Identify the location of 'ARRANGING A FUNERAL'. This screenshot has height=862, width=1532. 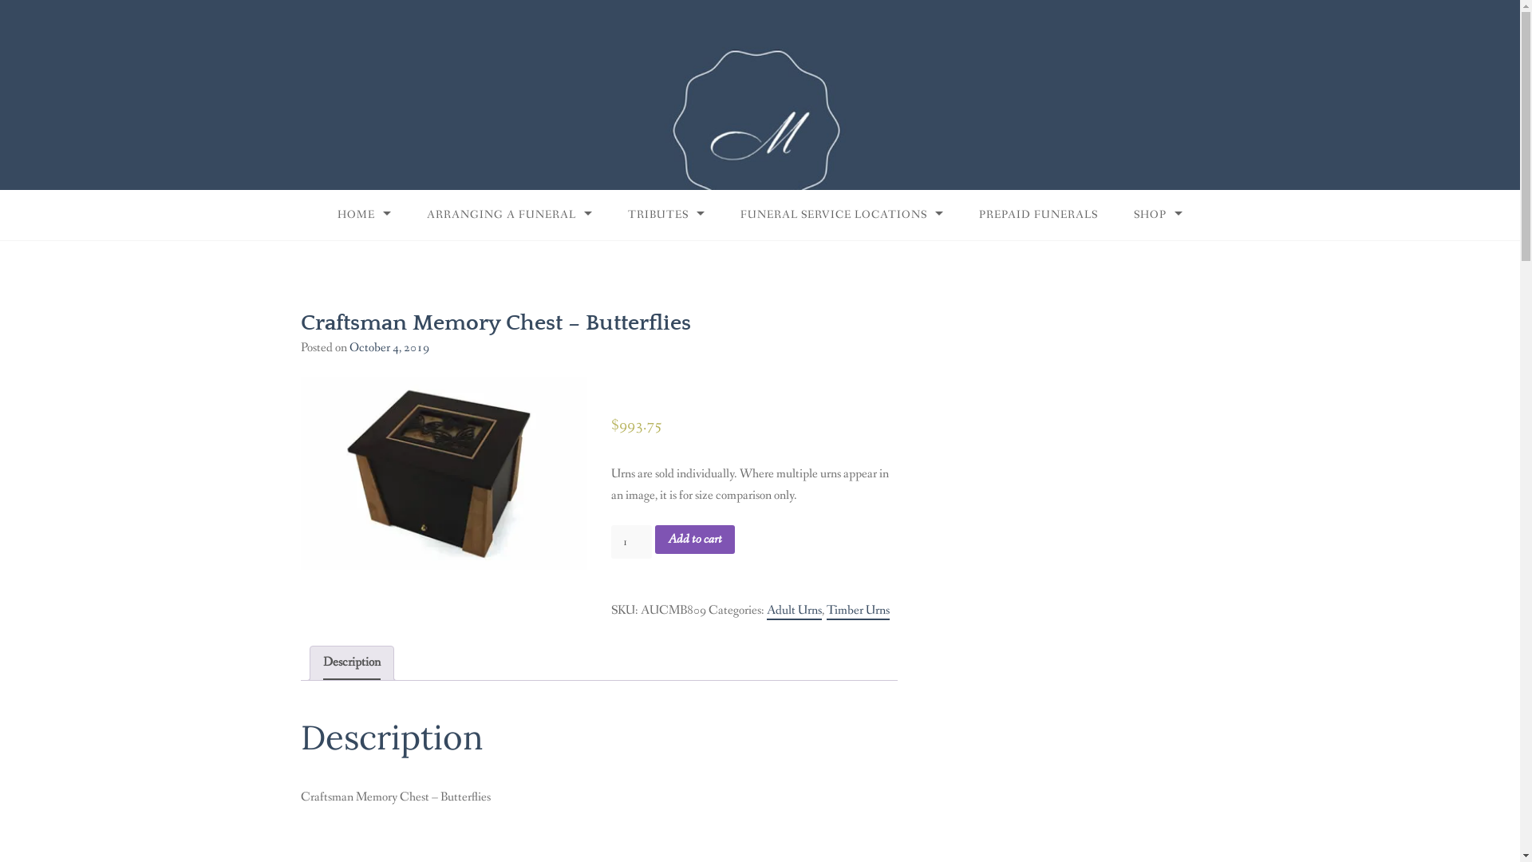
(409, 214).